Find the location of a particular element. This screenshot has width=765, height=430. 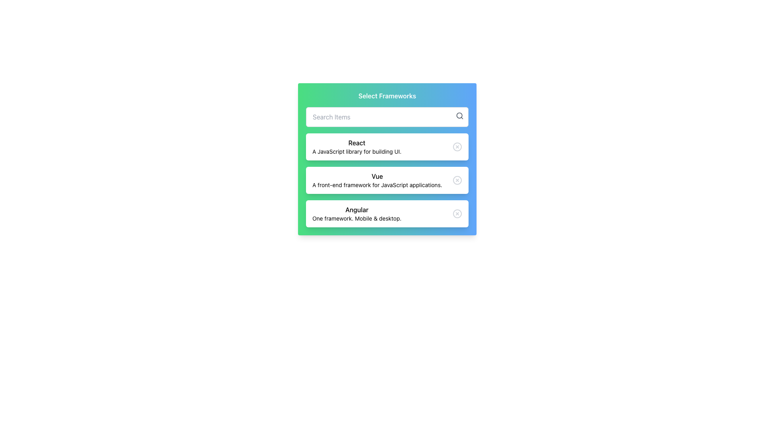

the List item labeled 'Vue', which is the second item in a vertical list with a white background and rounded corners is located at coordinates (387, 180).